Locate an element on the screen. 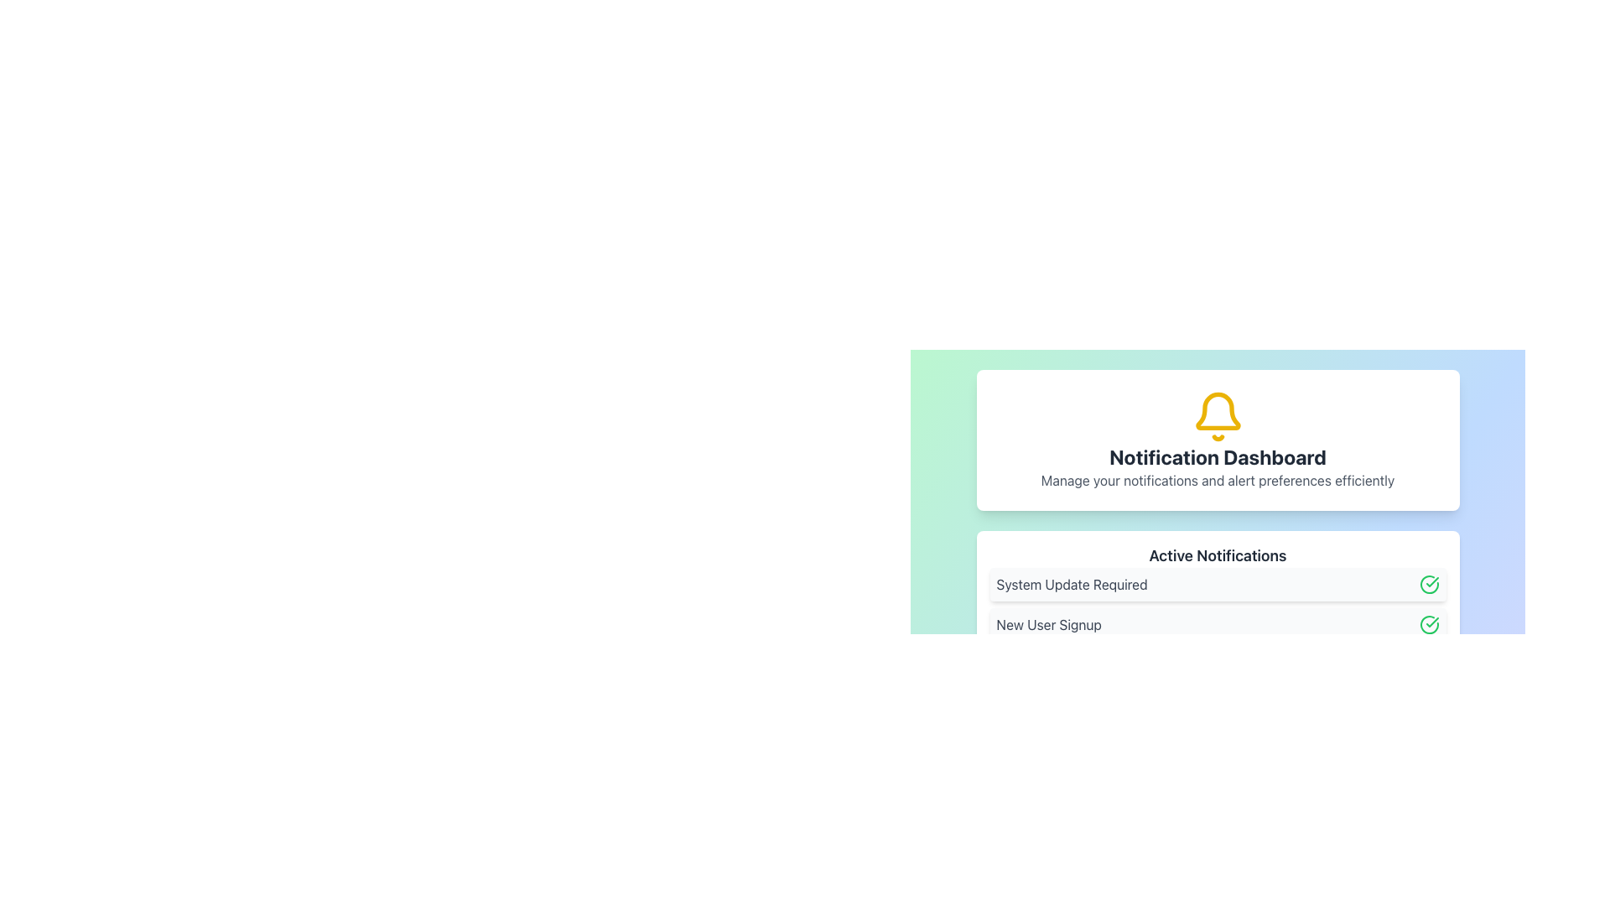 The width and height of the screenshot is (1610, 906). the 'Notification Dashboard' static text header element, which is centrally positioned within a white rounded rectangle card and is bold with dark gray color, located below the yellow notification bell icon is located at coordinates (1218, 456).